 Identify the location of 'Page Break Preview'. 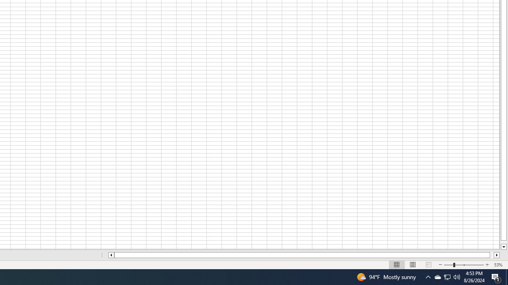
(428, 265).